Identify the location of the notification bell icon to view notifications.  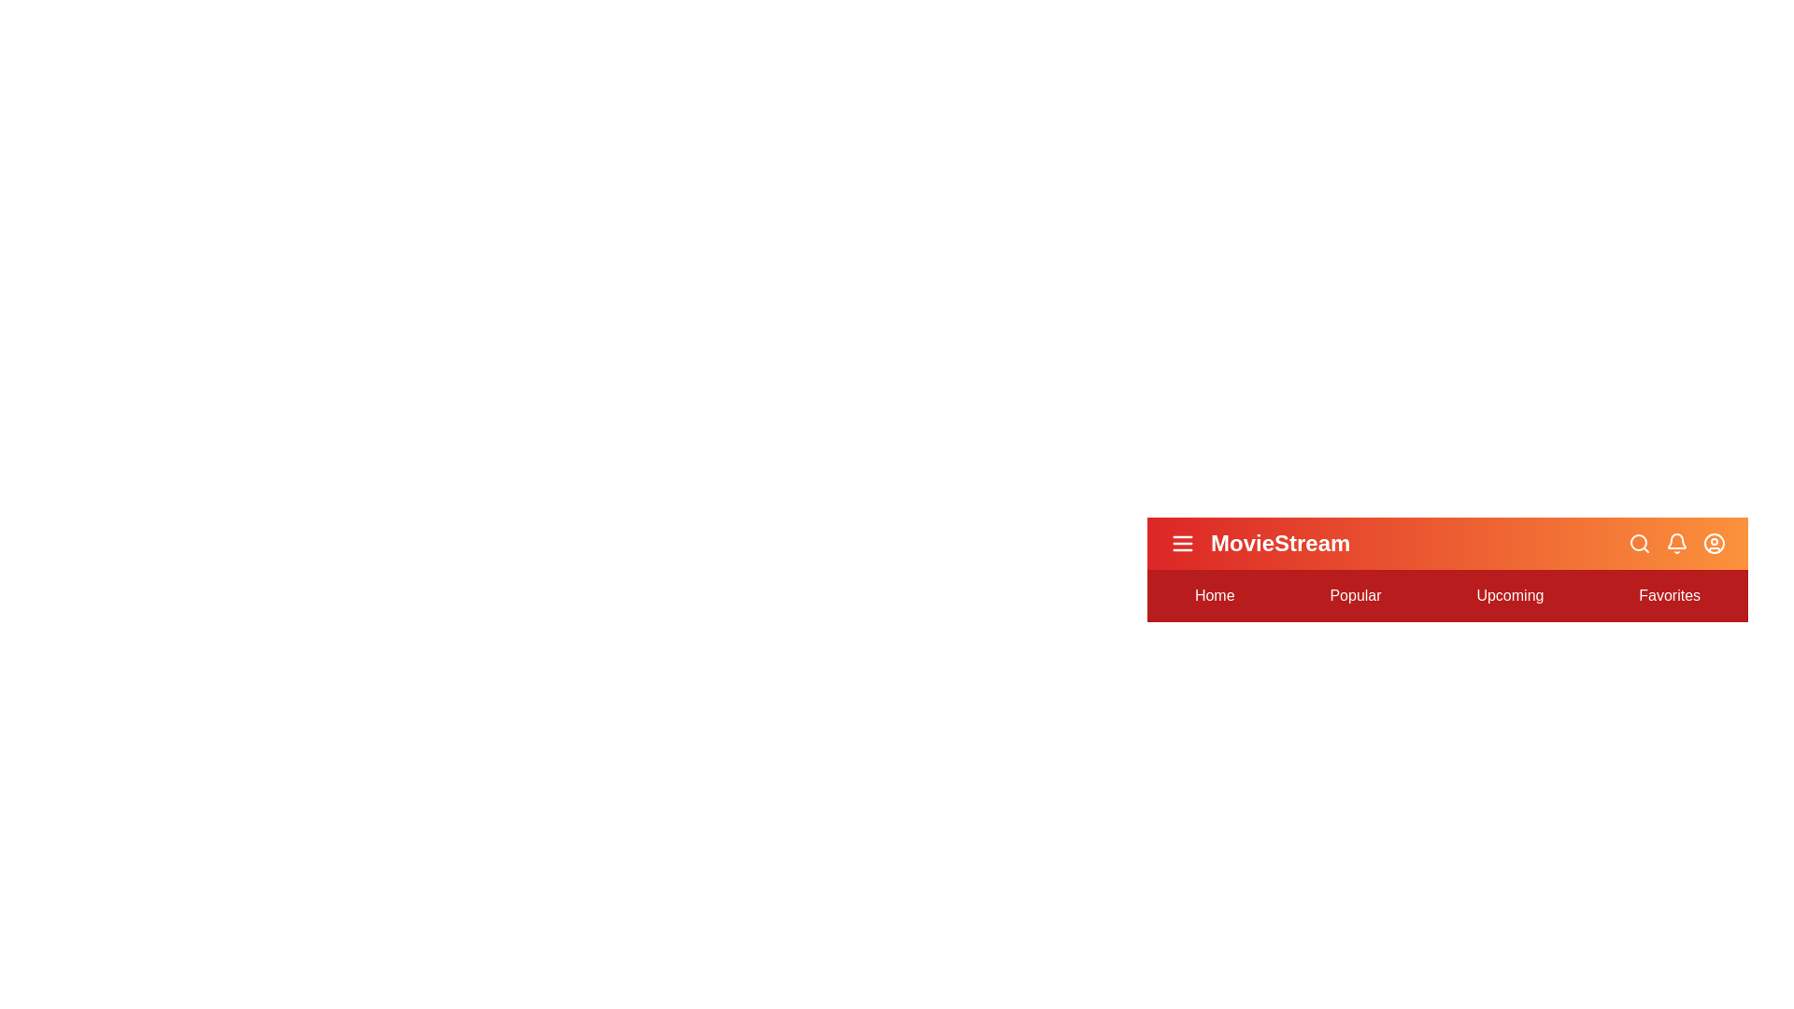
(1677, 544).